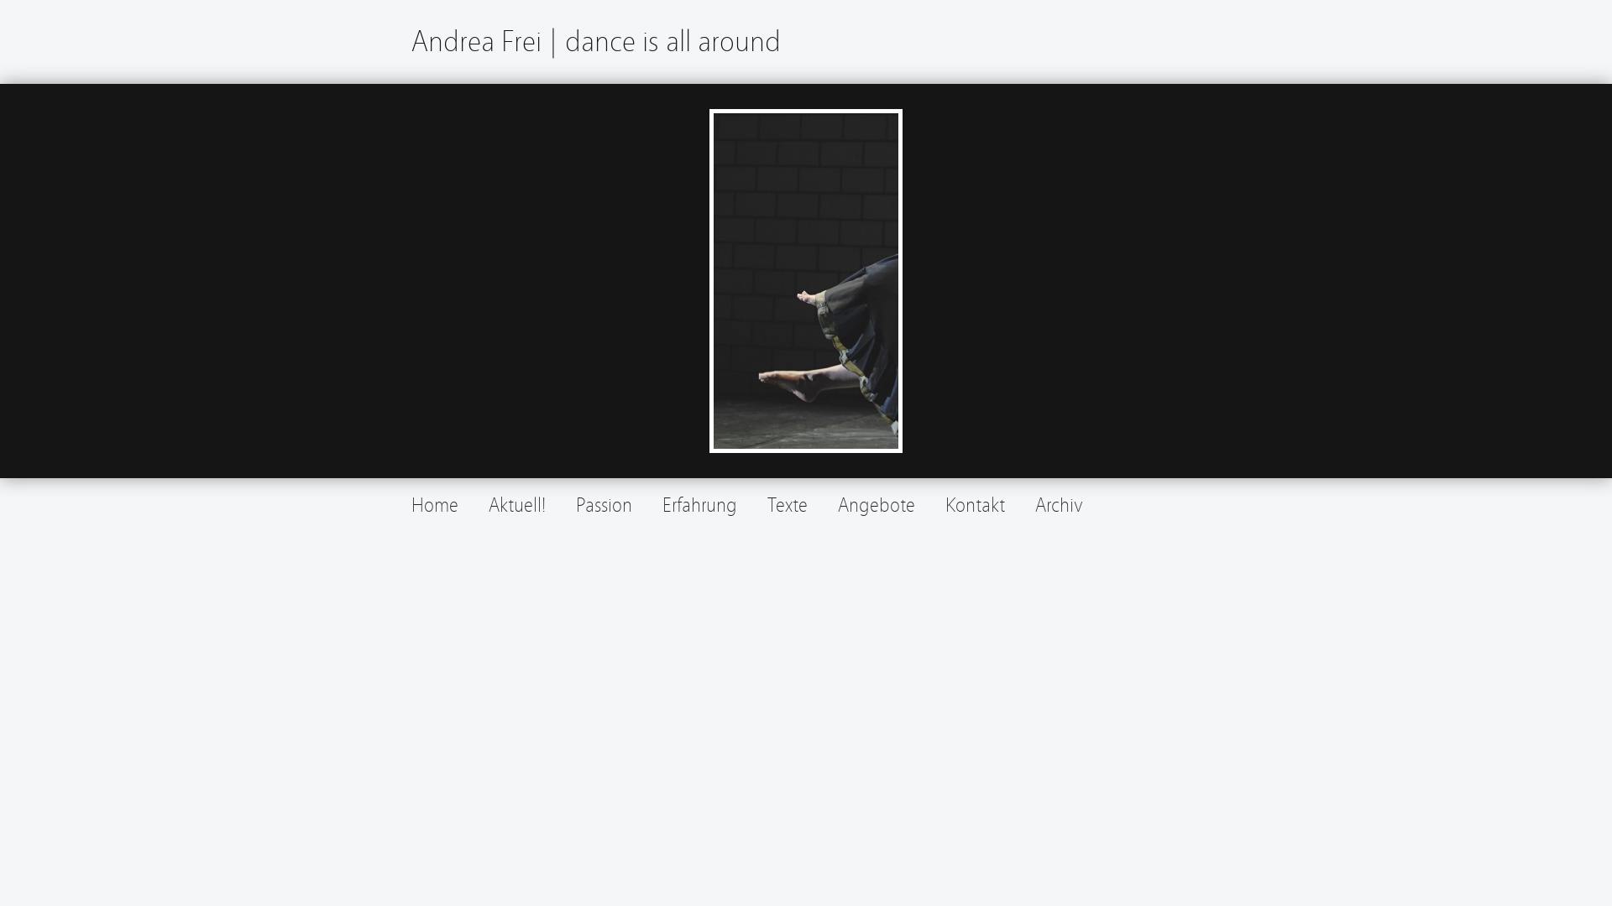  Describe the element at coordinates (487, 504) in the screenshot. I see `'Aktuell!'` at that location.